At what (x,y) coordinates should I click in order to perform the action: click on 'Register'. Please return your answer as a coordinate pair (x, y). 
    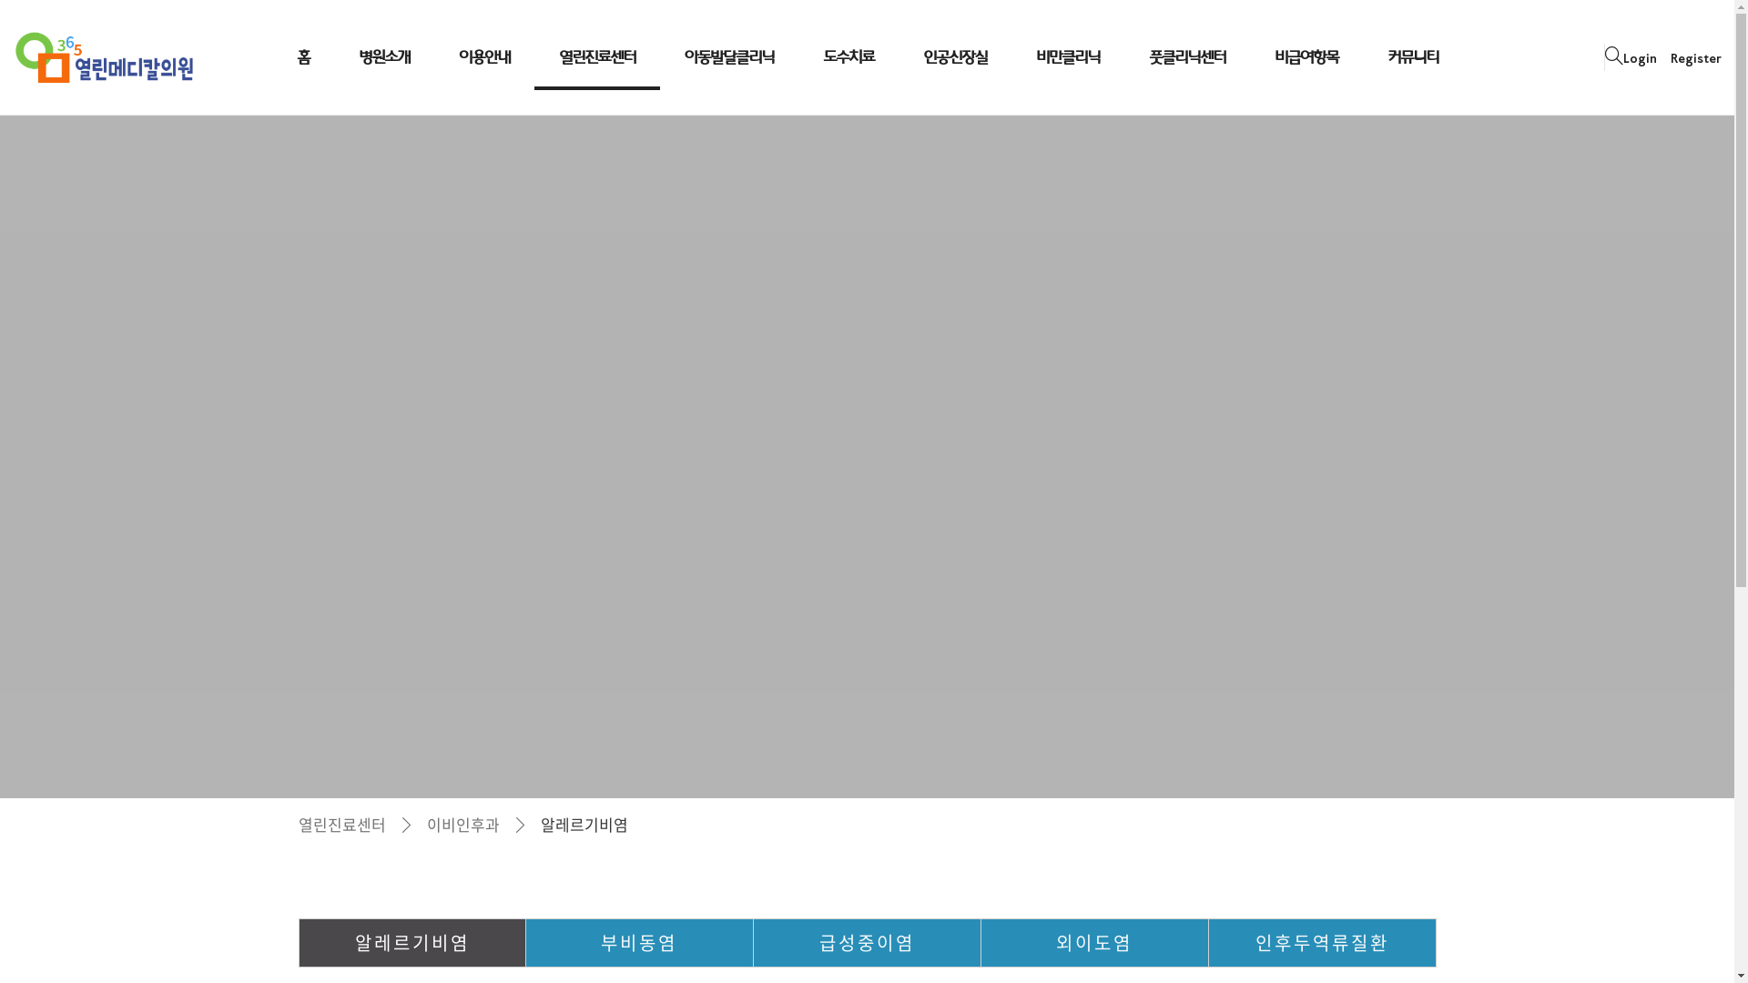
    Looking at the image, I should click on (1694, 56).